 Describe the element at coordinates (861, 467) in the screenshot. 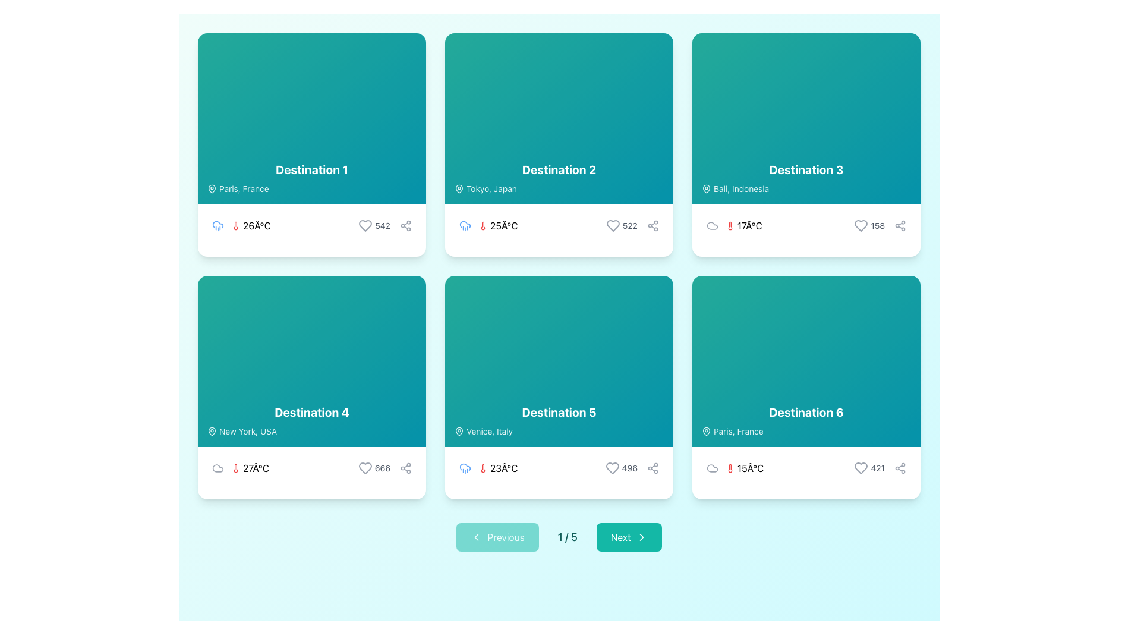

I see `the heart icon located in the bottom-right section of the 'Destination 6' card to like or favorite it` at that location.